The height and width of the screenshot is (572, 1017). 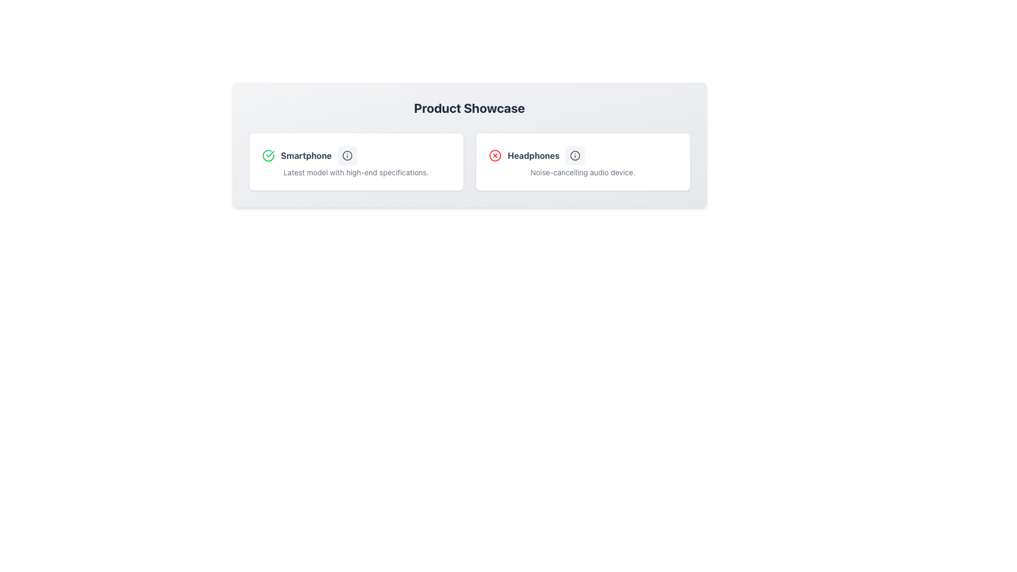 What do you see at coordinates (347, 155) in the screenshot?
I see `the icon component represented as a circle adjacent to the 'Smartphone' label in the interface` at bounding box center [347, 155].